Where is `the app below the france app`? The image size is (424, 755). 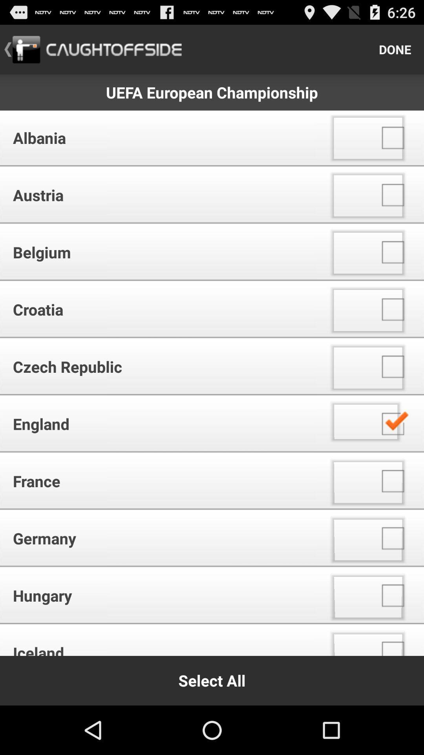 the app below the france app is located at coordinates (161, 538).